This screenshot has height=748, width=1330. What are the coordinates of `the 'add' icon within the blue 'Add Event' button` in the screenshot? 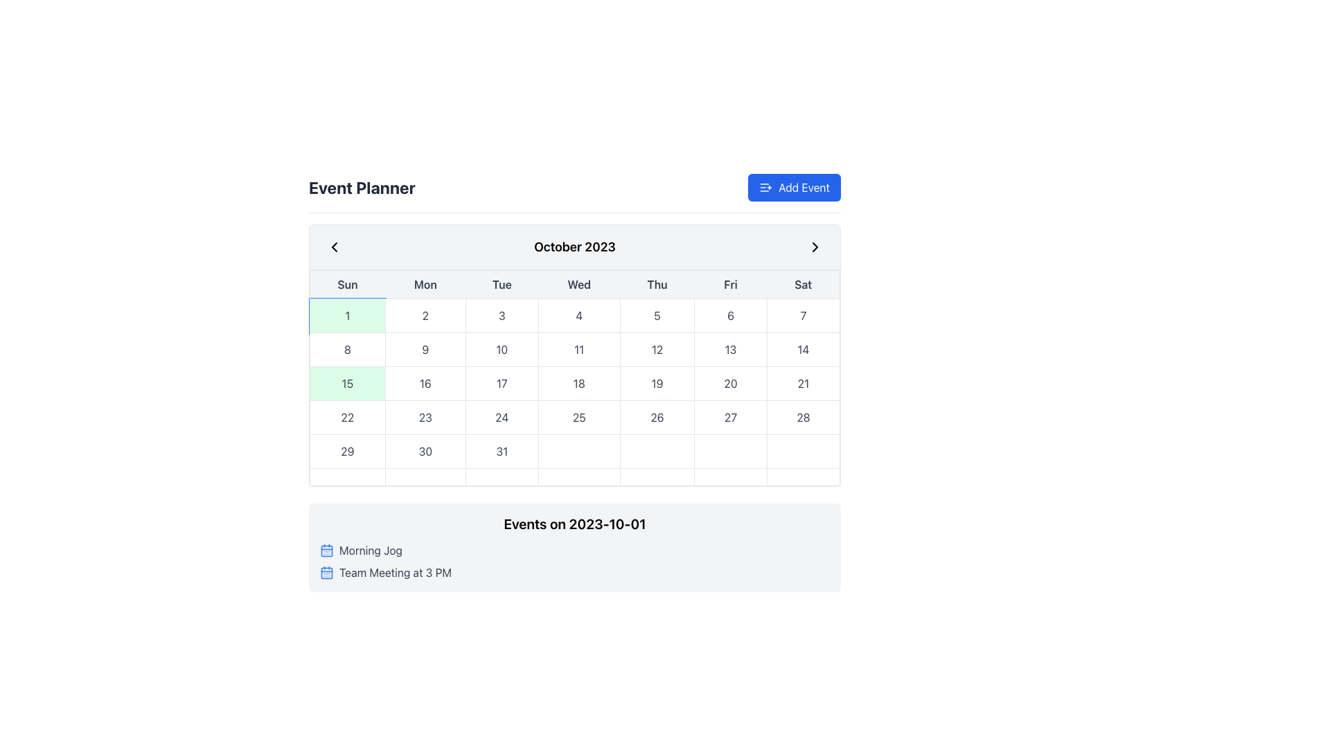 It's located at (765, 187).